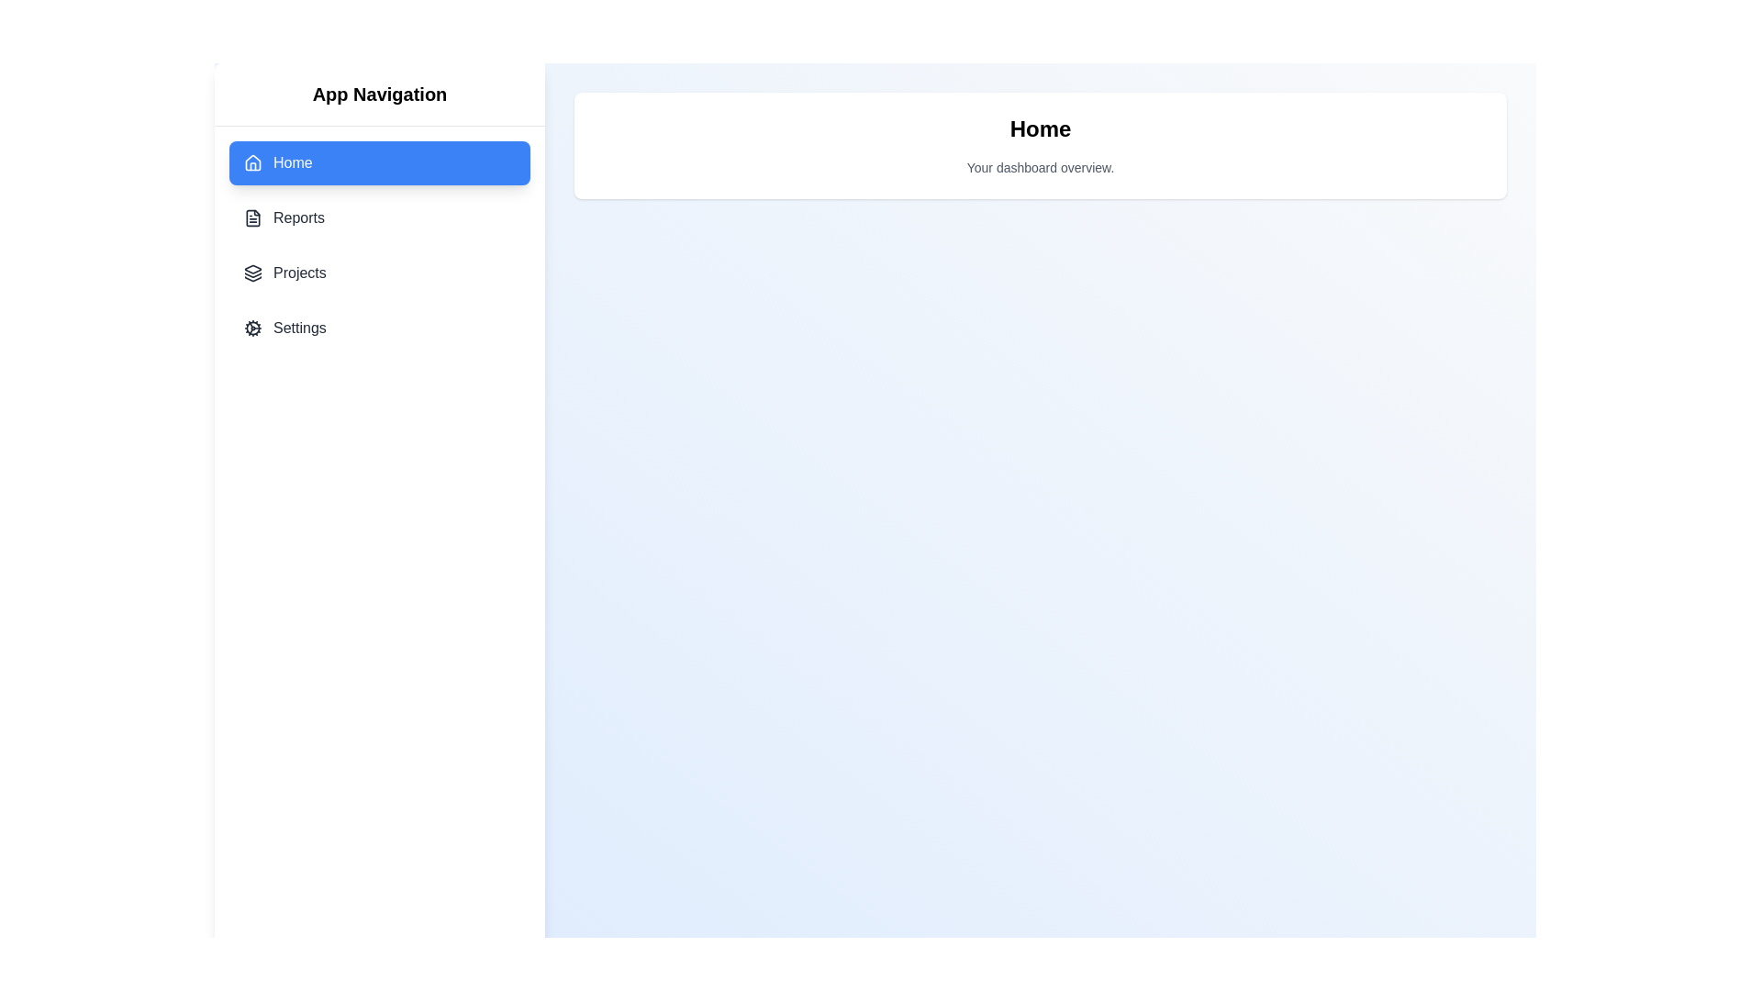 The height and width of the screenshot is (991, 1762). What do you see at coordinates (378, 161) in the screenshot?
I see `the menu item Home to inspect its tooltip effect` at bounding box center [378, 161].